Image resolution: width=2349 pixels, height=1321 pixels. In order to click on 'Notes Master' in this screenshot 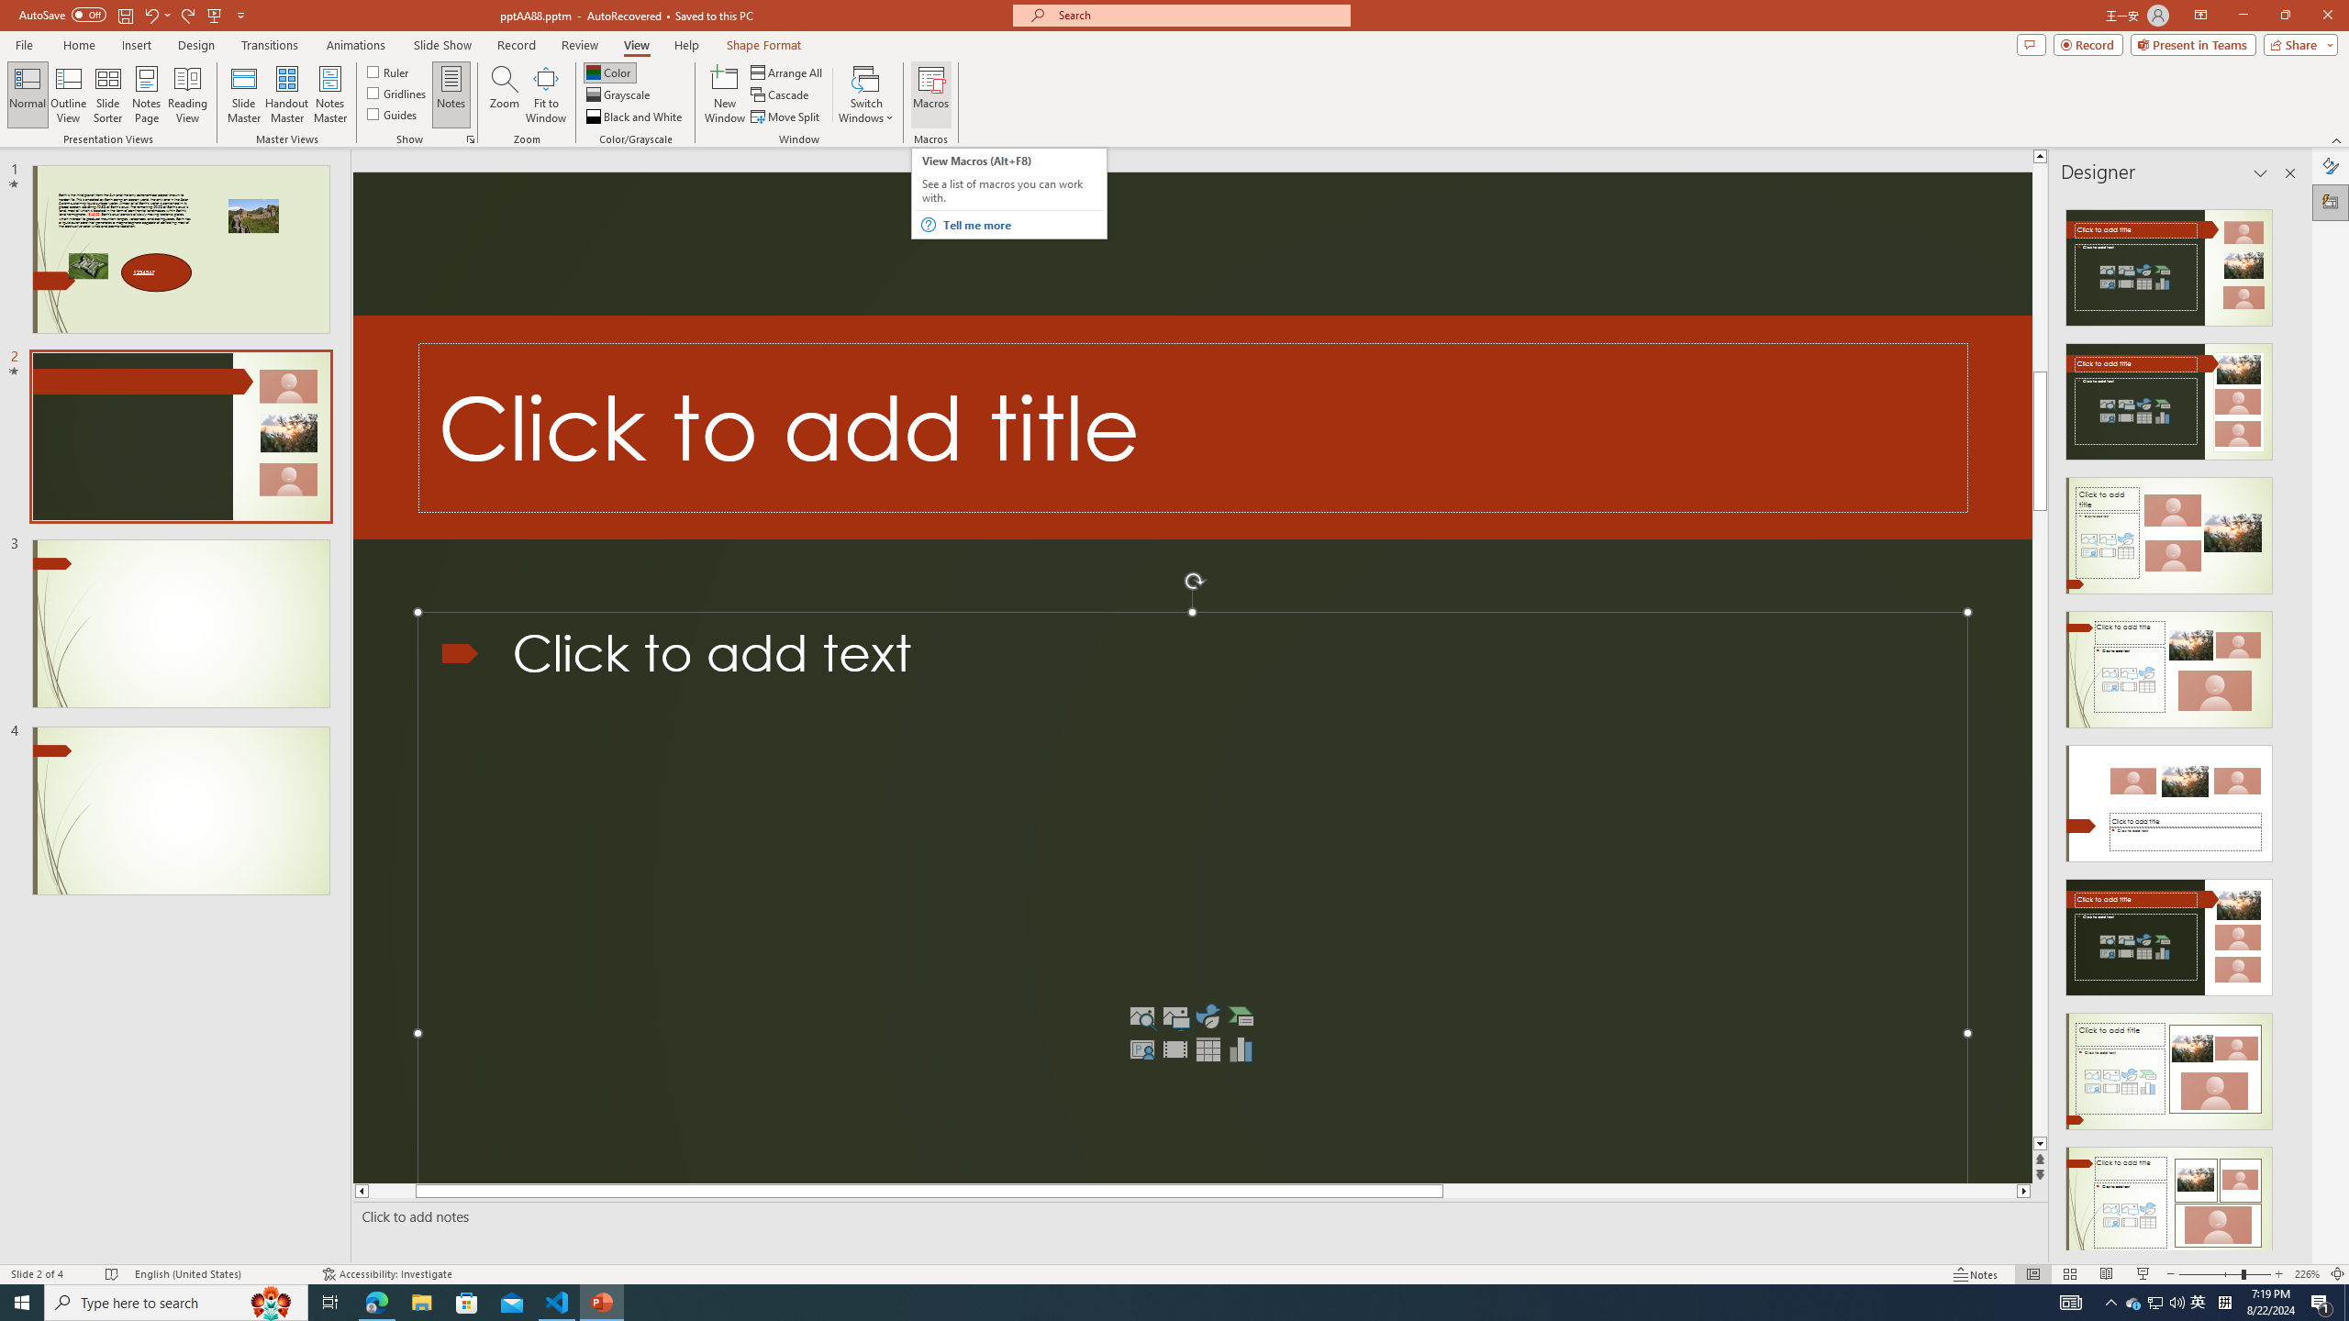, I will do `click(328, 94)`.